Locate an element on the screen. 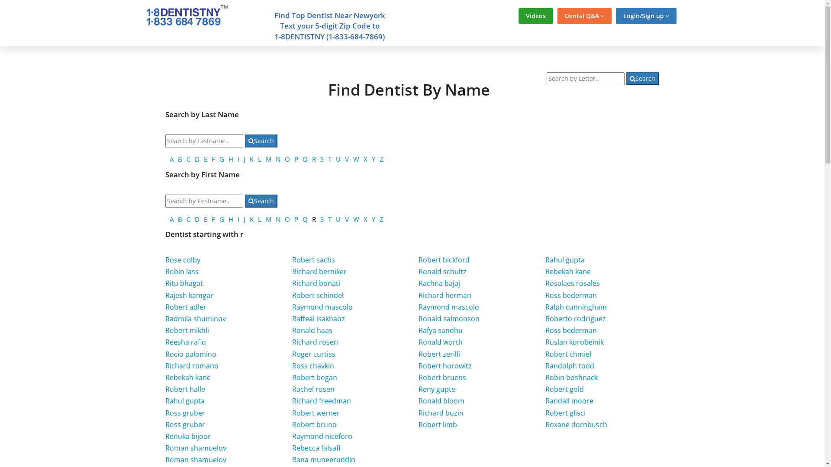 This screenshot has height=467, width=831. 'Q' is located at coordinates (303, 159).